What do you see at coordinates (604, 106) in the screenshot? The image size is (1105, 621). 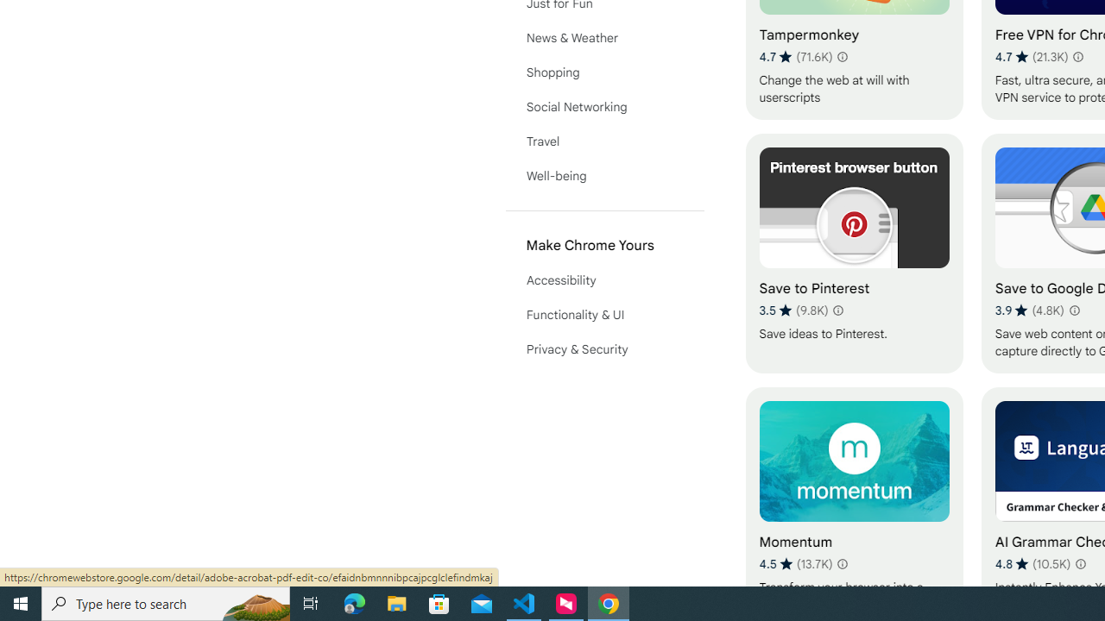 I see `'Social Networking'` at bounding box center [604, 106].